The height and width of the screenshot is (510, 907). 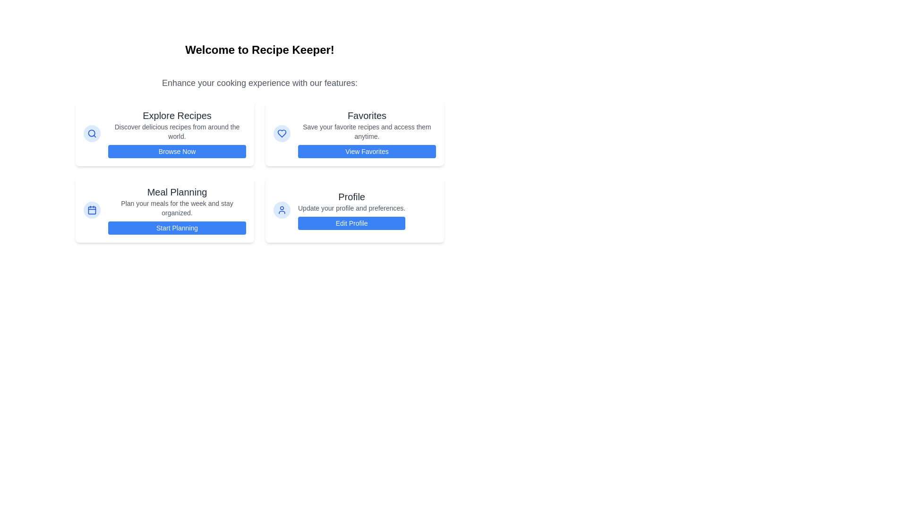 I want to click on the small circular blue icon with a calendar symbol located in the 'Meal Planning' section, positioned above the 'Start Planning' button, so click(x=92, y=209).